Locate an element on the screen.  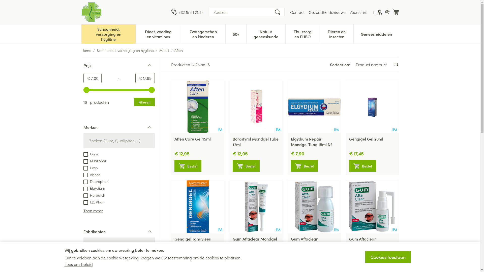
'Dieren en insecten' is located at coordinates (337, 33).